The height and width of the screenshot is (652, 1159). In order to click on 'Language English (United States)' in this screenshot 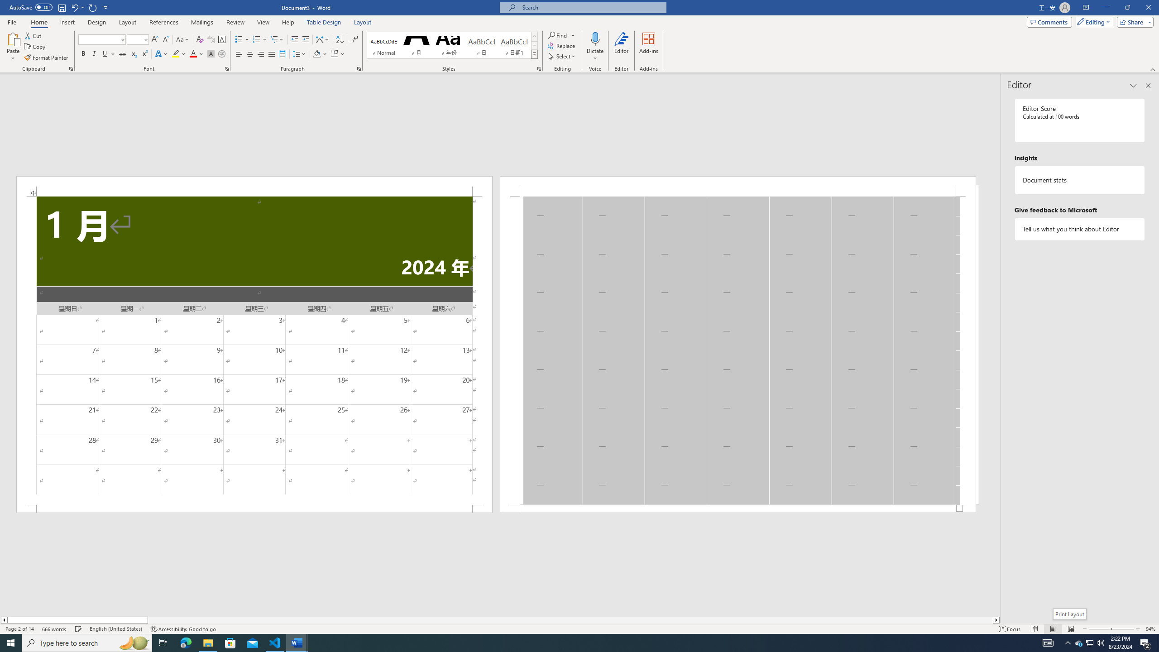, I will do `click(116, 629)`.